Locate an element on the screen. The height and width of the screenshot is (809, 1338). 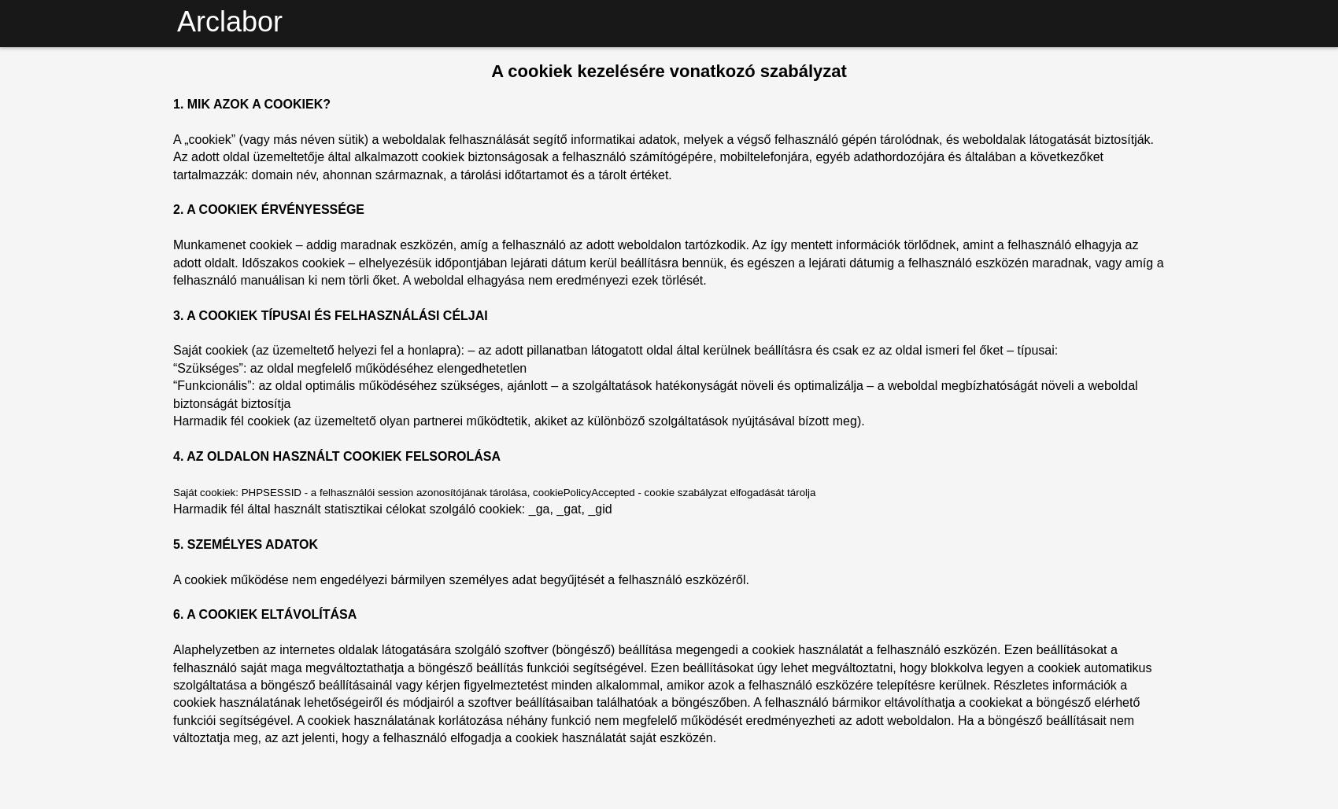
'5. SZEMÉLYES ADATOK' is located at coordinates (245, 542).